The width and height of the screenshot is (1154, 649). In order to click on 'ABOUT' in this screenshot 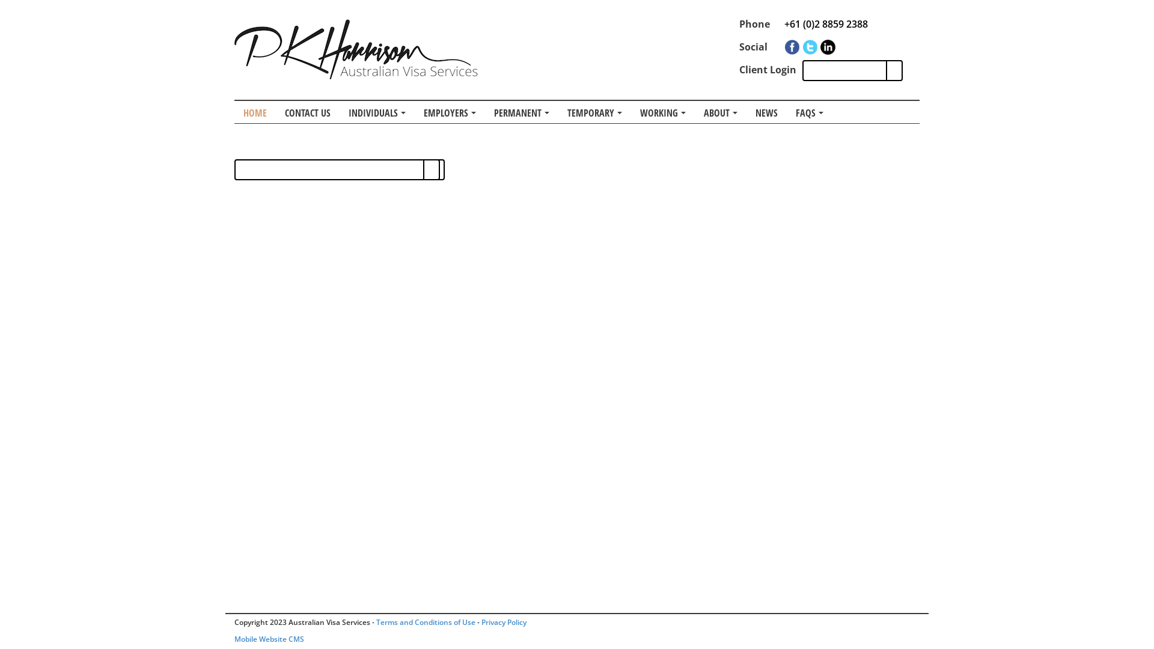, I will do `click(721, 112)`.